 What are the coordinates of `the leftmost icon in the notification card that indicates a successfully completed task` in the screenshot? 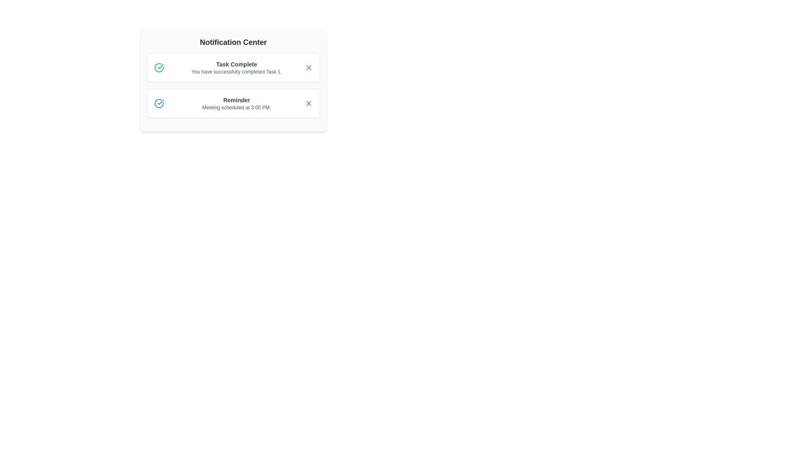 It's located at (159, 67).